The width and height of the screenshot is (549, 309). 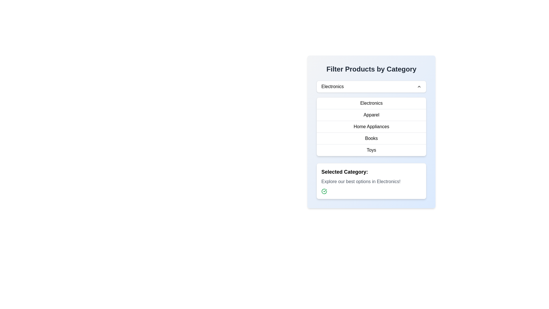 I want to click on the 'Apparel' list item, which is the second item in the vertical list under 'Filter Products by Category', so click(x=371, y=115).